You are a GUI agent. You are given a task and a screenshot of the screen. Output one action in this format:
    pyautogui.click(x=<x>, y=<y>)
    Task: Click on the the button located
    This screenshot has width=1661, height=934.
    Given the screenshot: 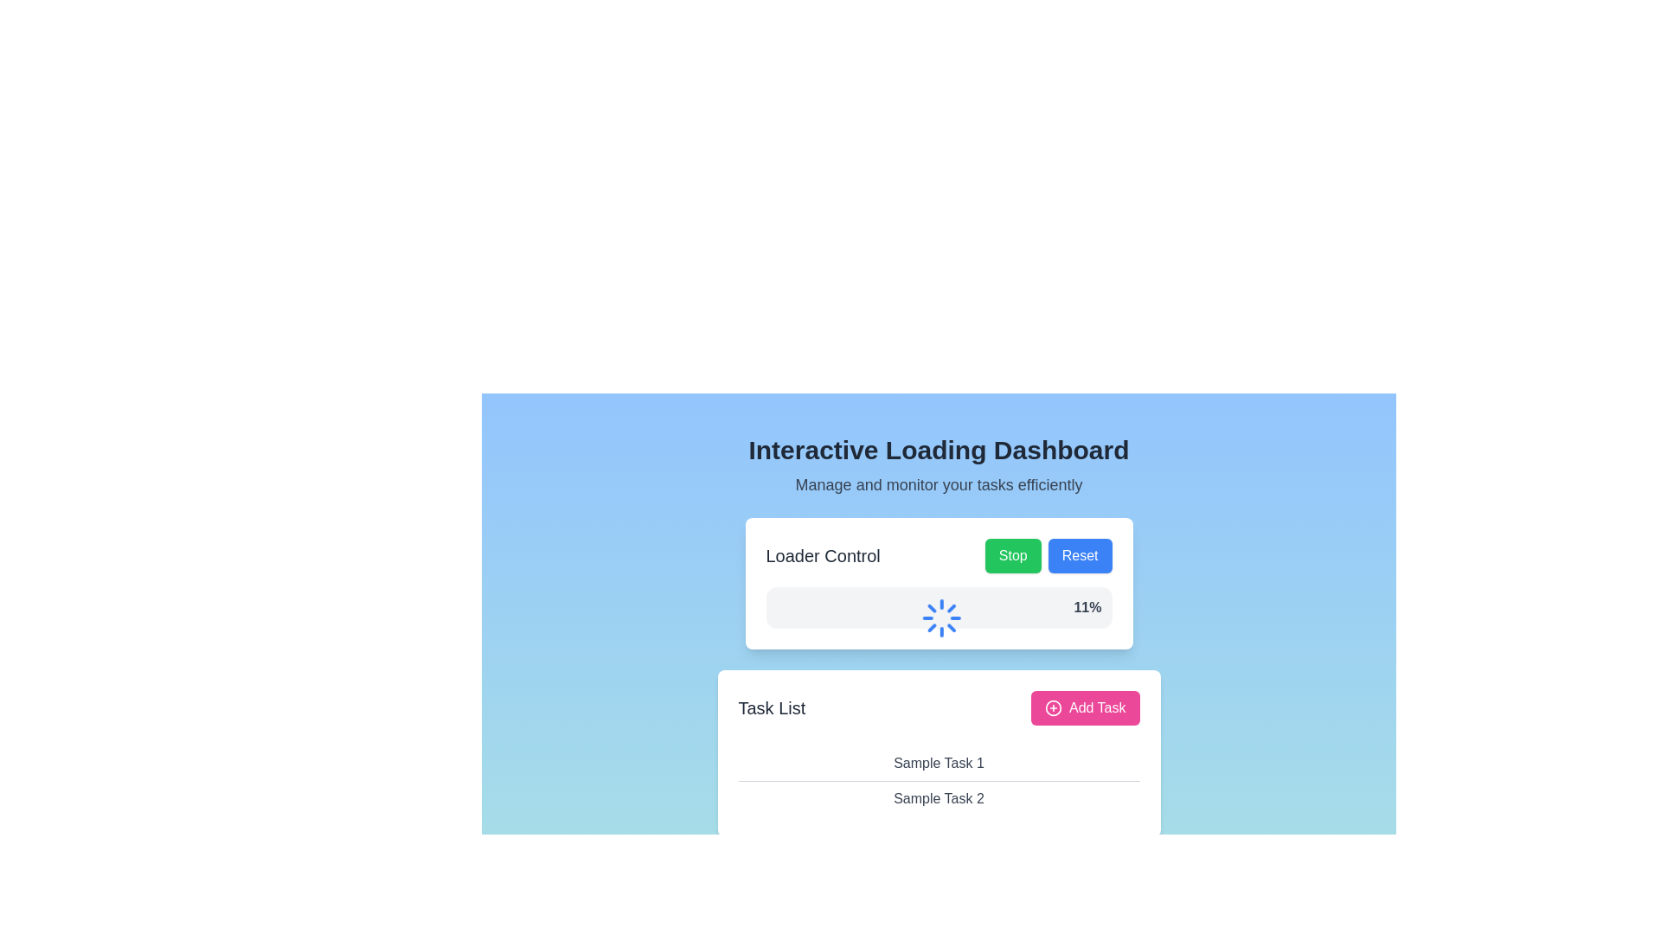 What is the action you would take?
    pyautogui.click(x=1083, y=707)
    